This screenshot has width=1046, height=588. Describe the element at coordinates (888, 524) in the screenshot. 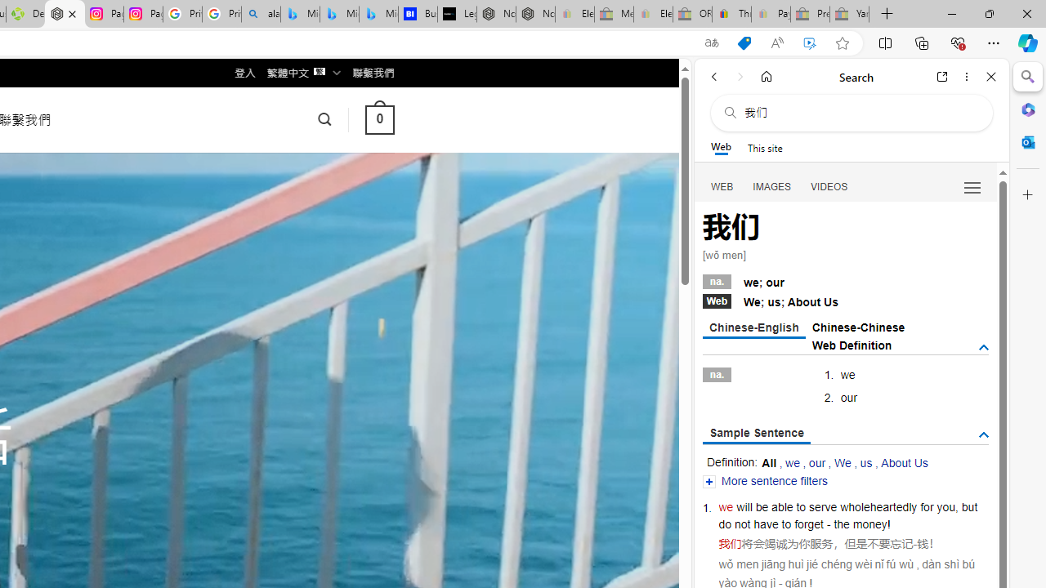

I see `'!'` at that location.